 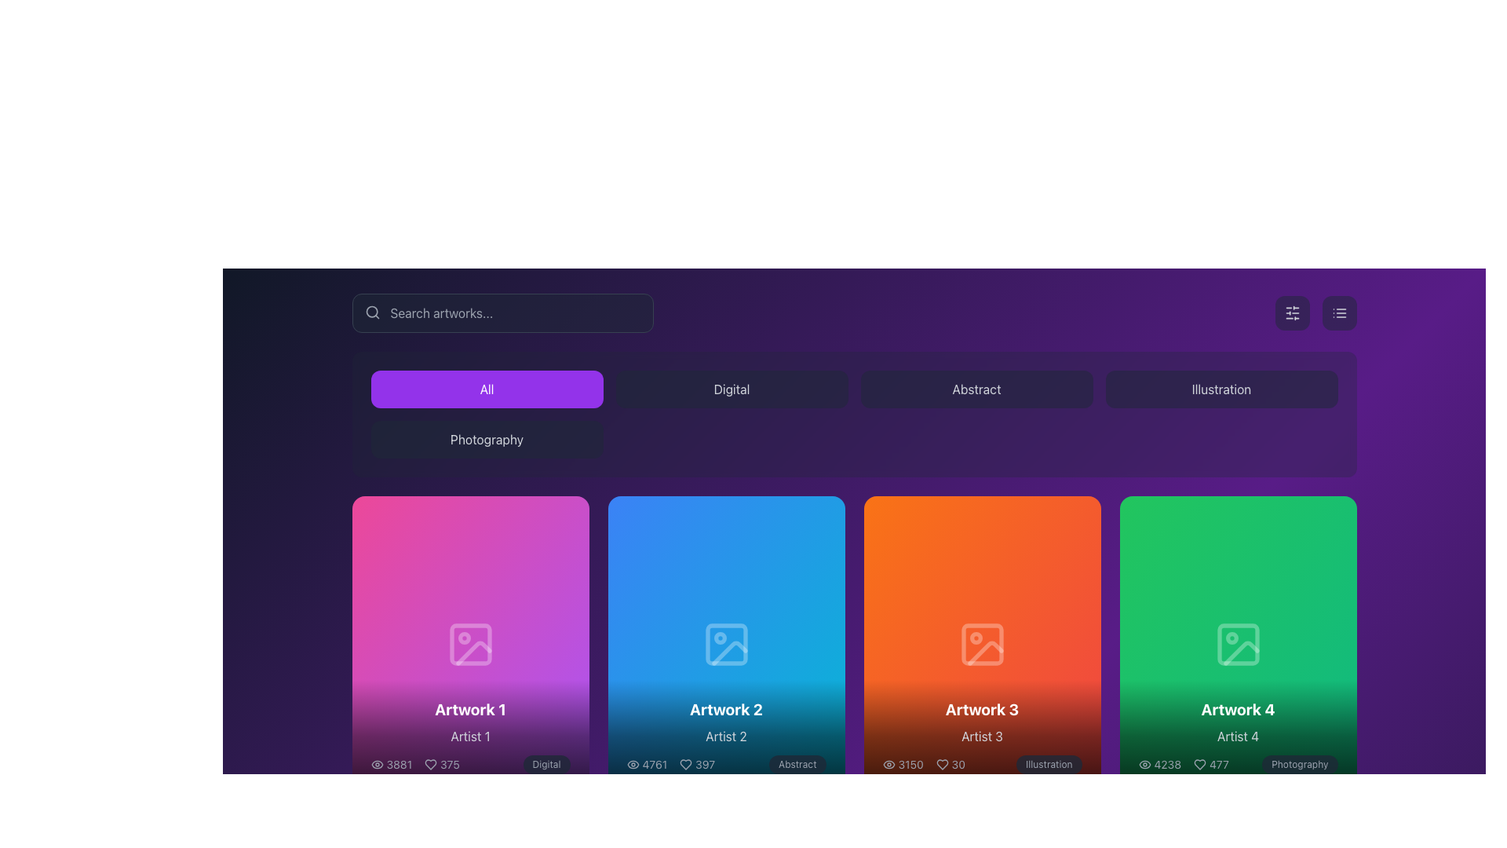 I want to click on the text label displaying the name of the artist for 'Artwork 1', located in the bottom-left card of the gallery, directly under the artwork title, so click(x=469, y=736).